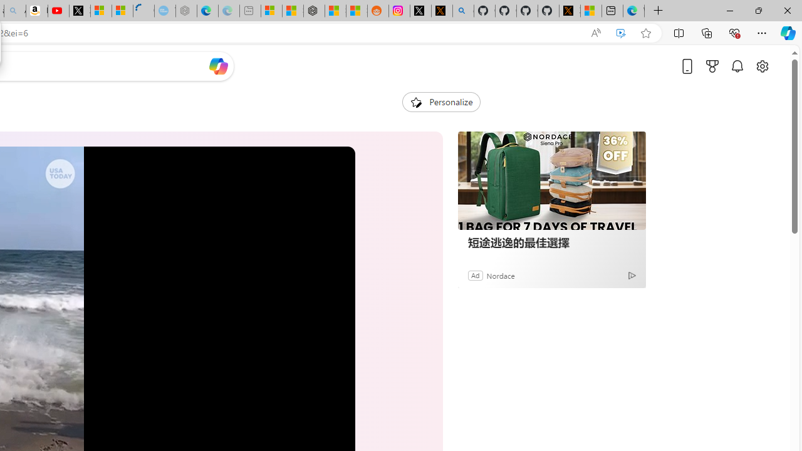 The width and height of the screenshot is (802, 451). I want to click on 'Shanghai, China Weather trends | Microsoft Weather', so click(356, 11).